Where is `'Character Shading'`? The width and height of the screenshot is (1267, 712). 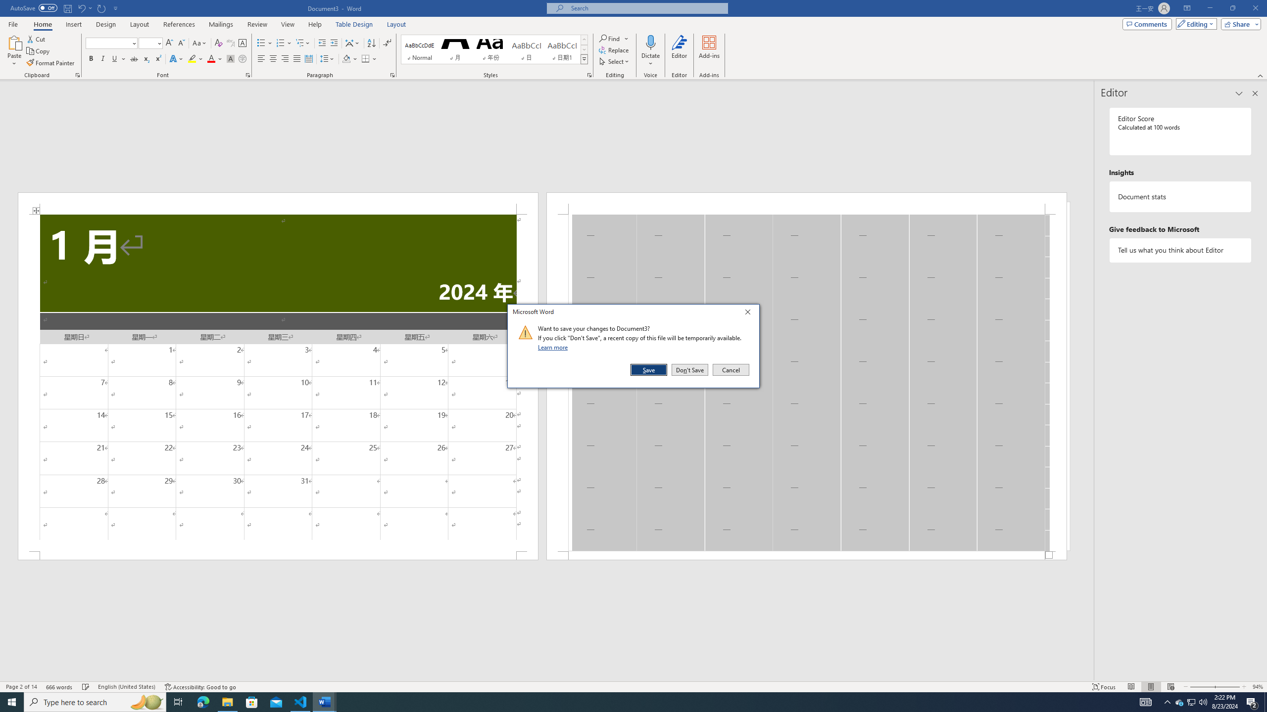
'Character Shading' is located at coordinates (230, 58).